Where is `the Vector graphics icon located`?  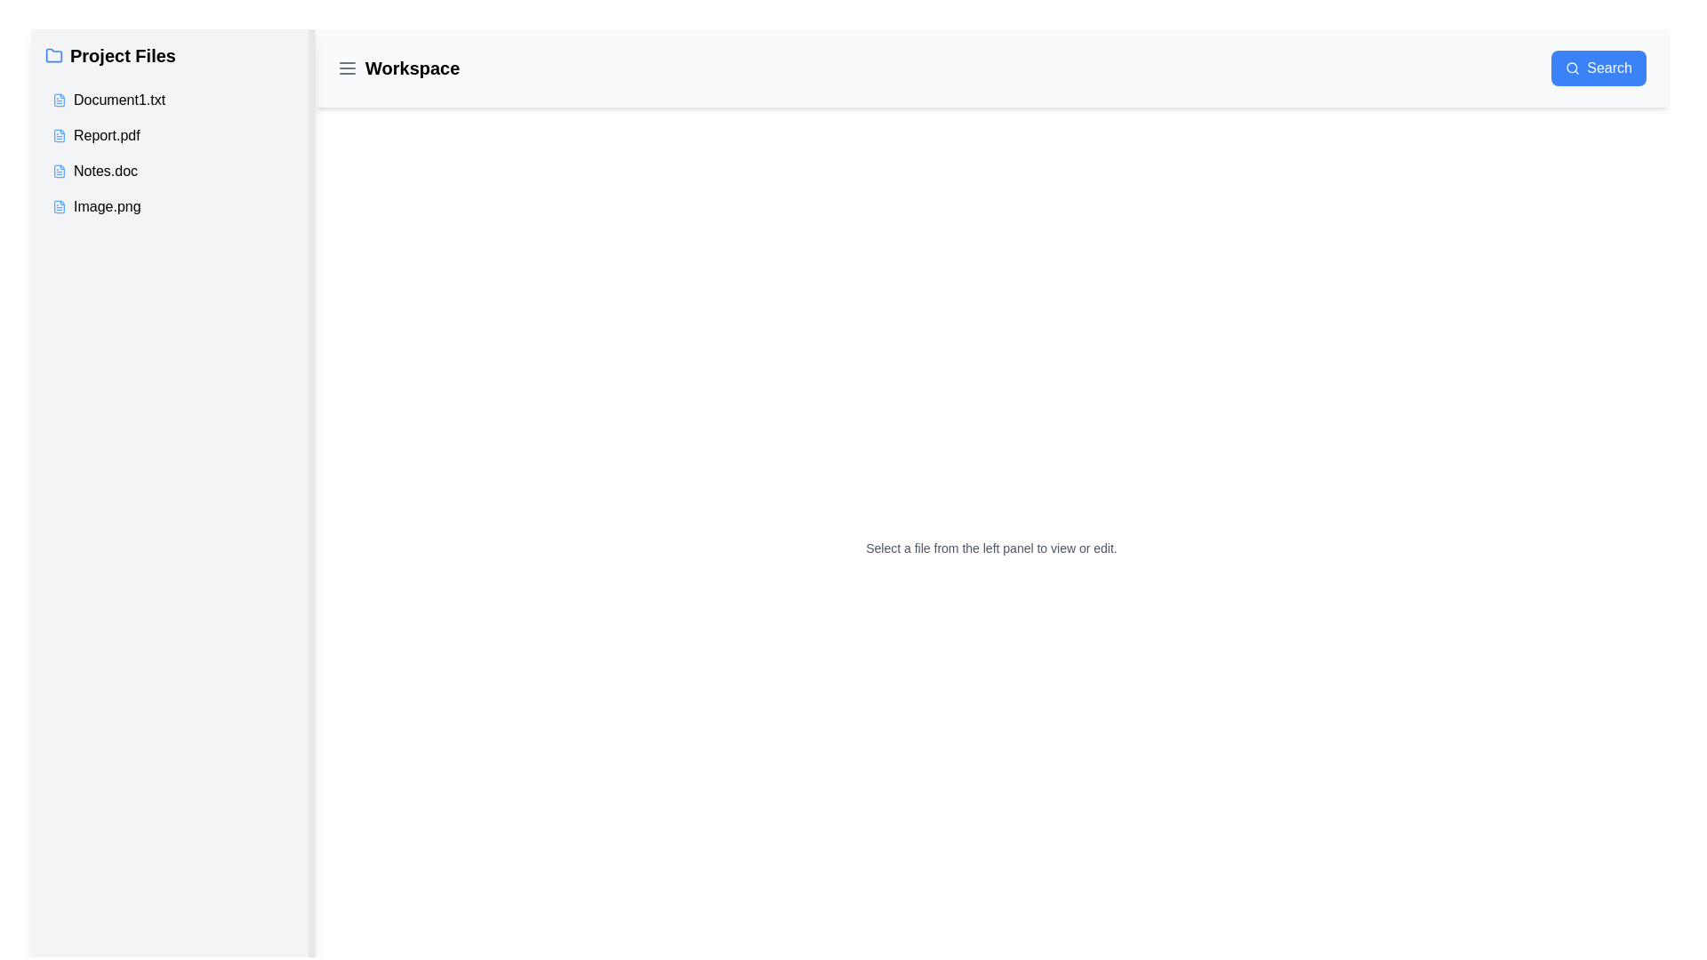 the Vector graphics icon located is located at coordinates (60, 205).